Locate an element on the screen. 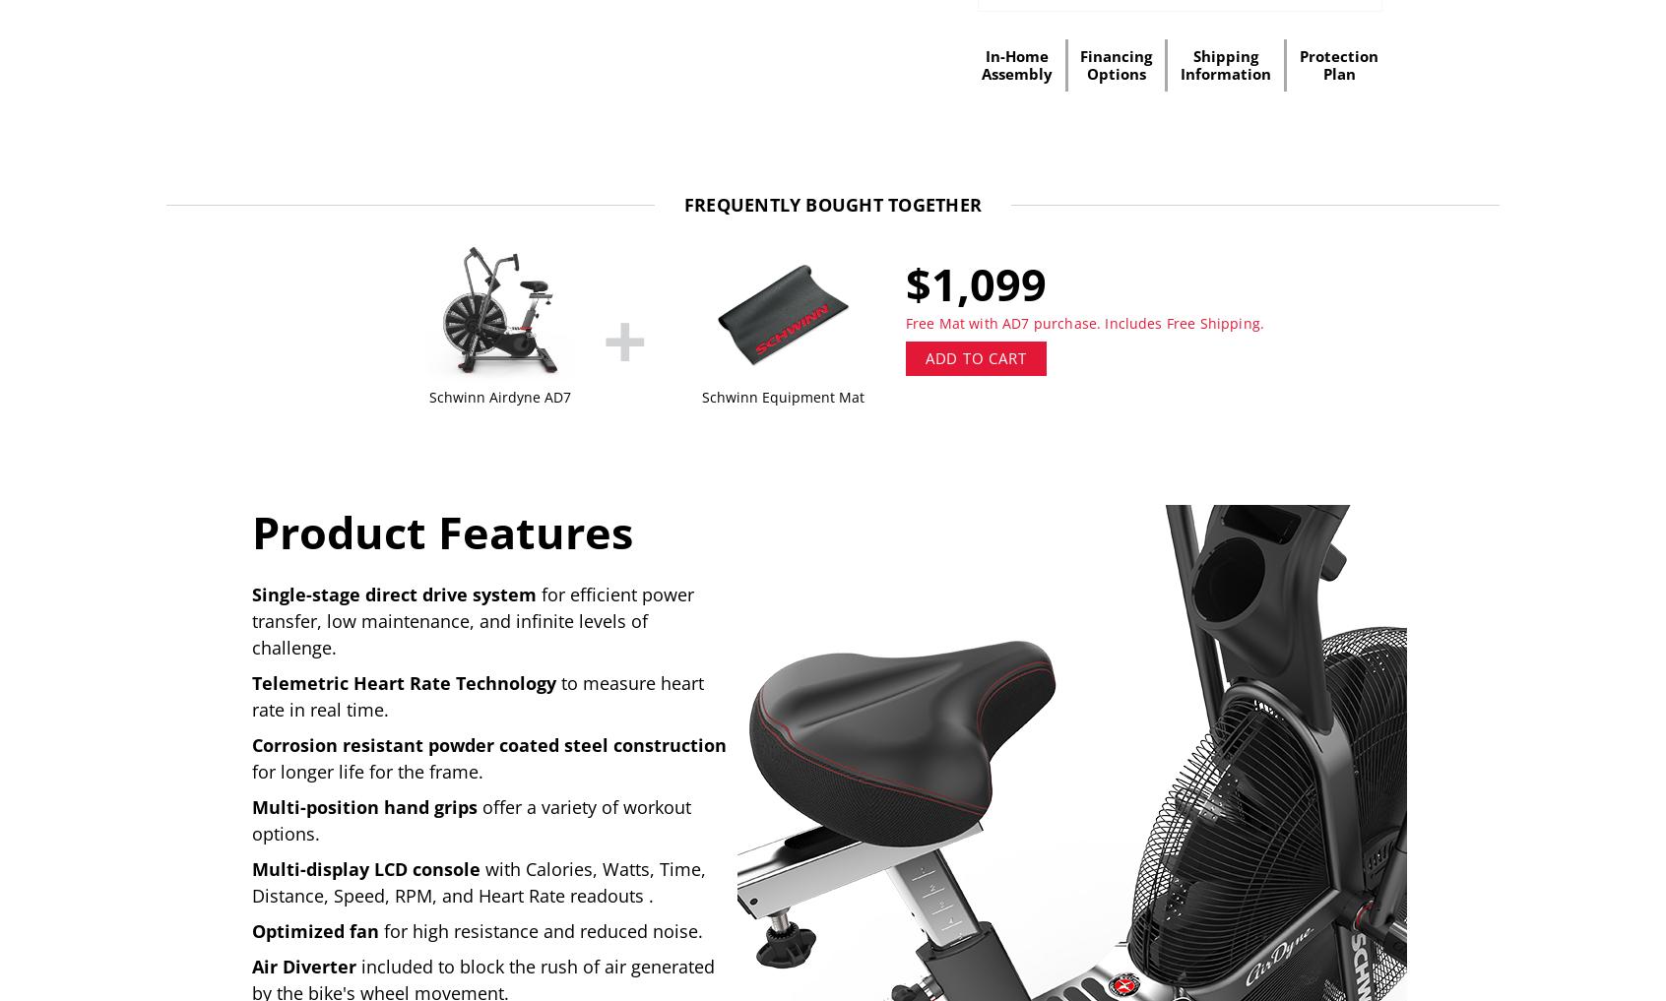 The height and width of the screenshot is (1001, 1666). 'Optimized fan' is located at coordinates (317, 930).